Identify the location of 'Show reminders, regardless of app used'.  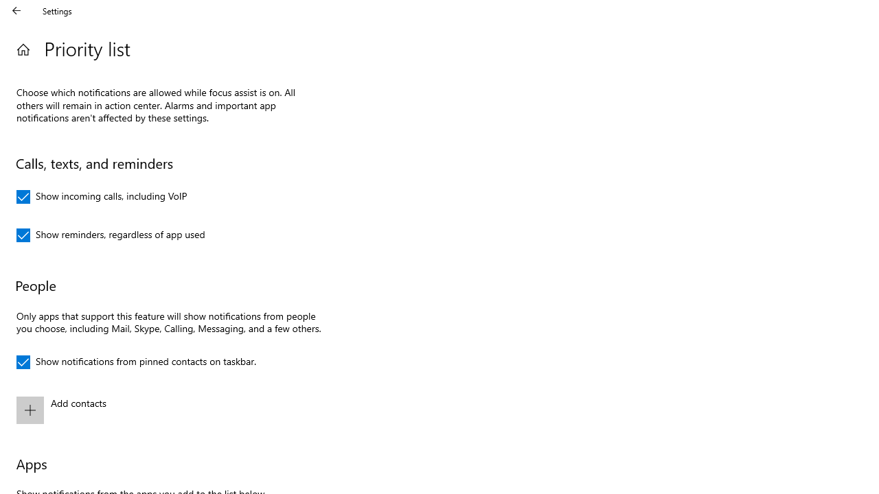
(111, 235).